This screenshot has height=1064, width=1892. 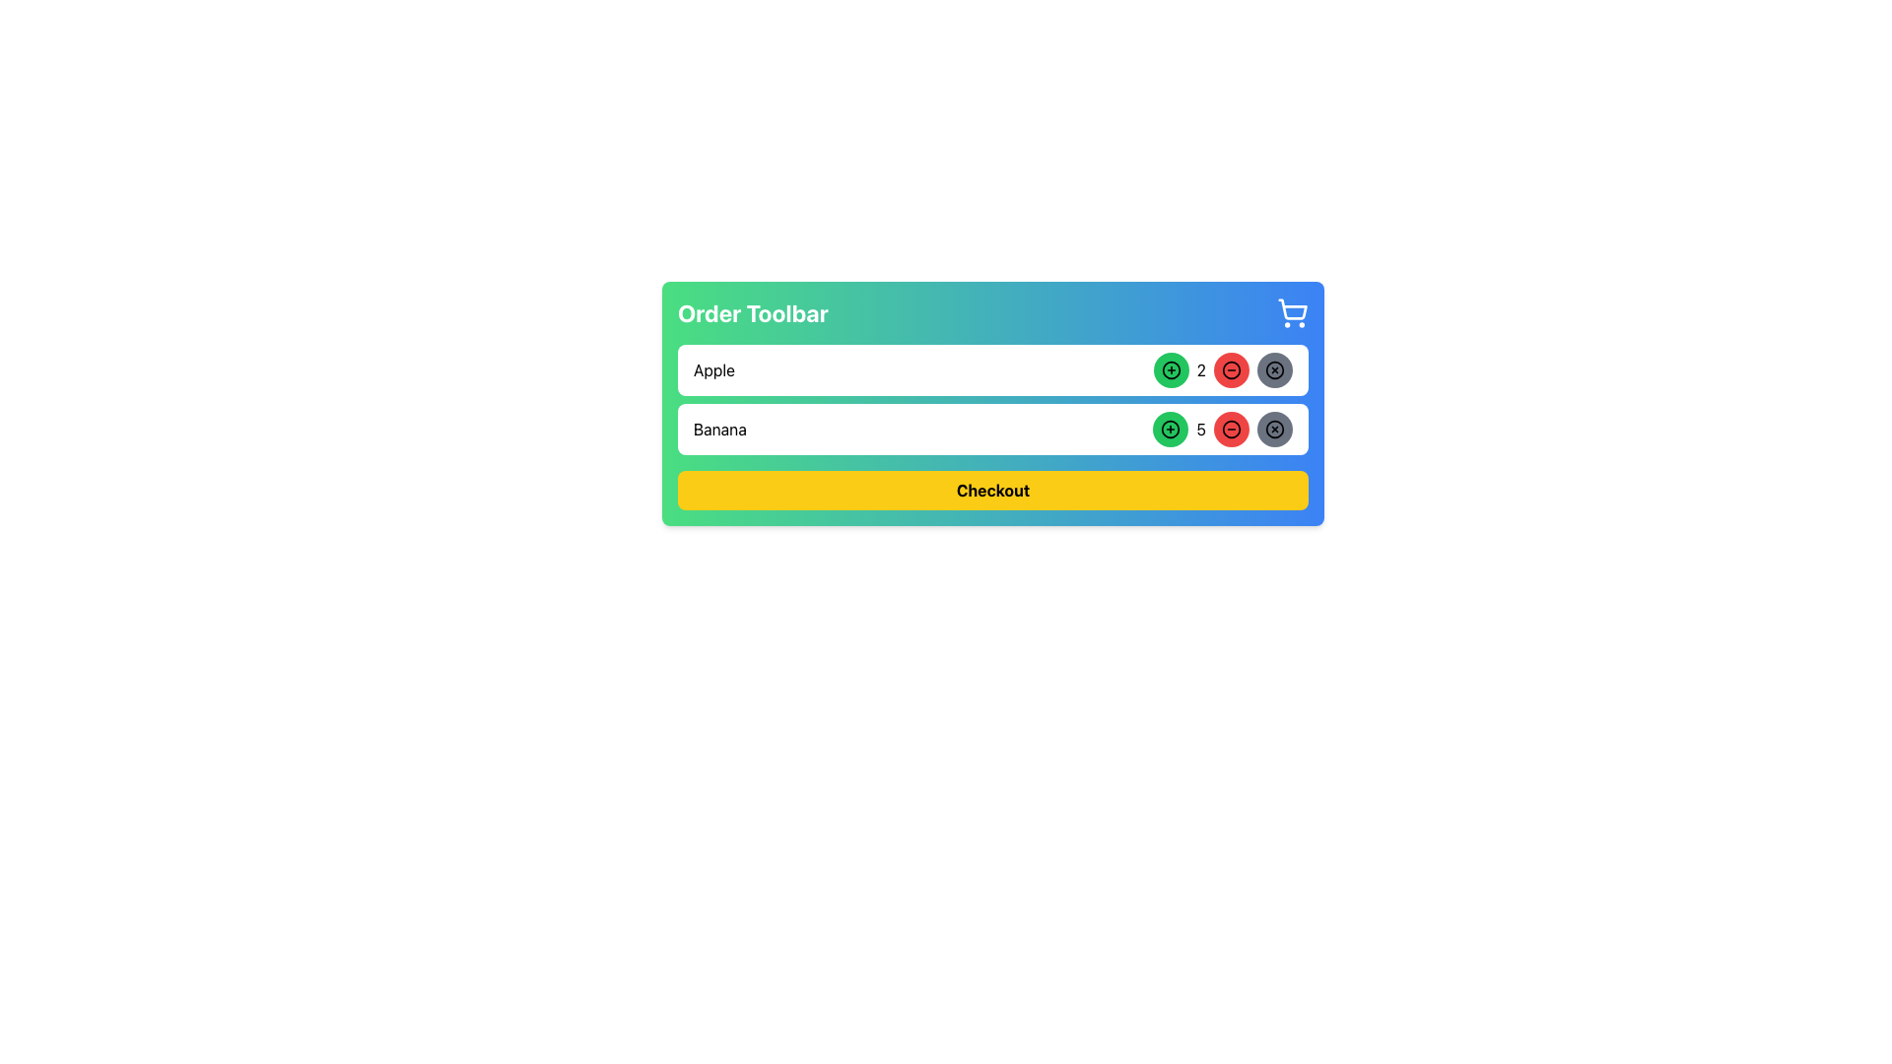 I want to click on the vibrant 'Checkout' button with a bold yellow background and rounded corners located at the bottom of the 'Order Toolbar' section, so click(x=993, y=489).